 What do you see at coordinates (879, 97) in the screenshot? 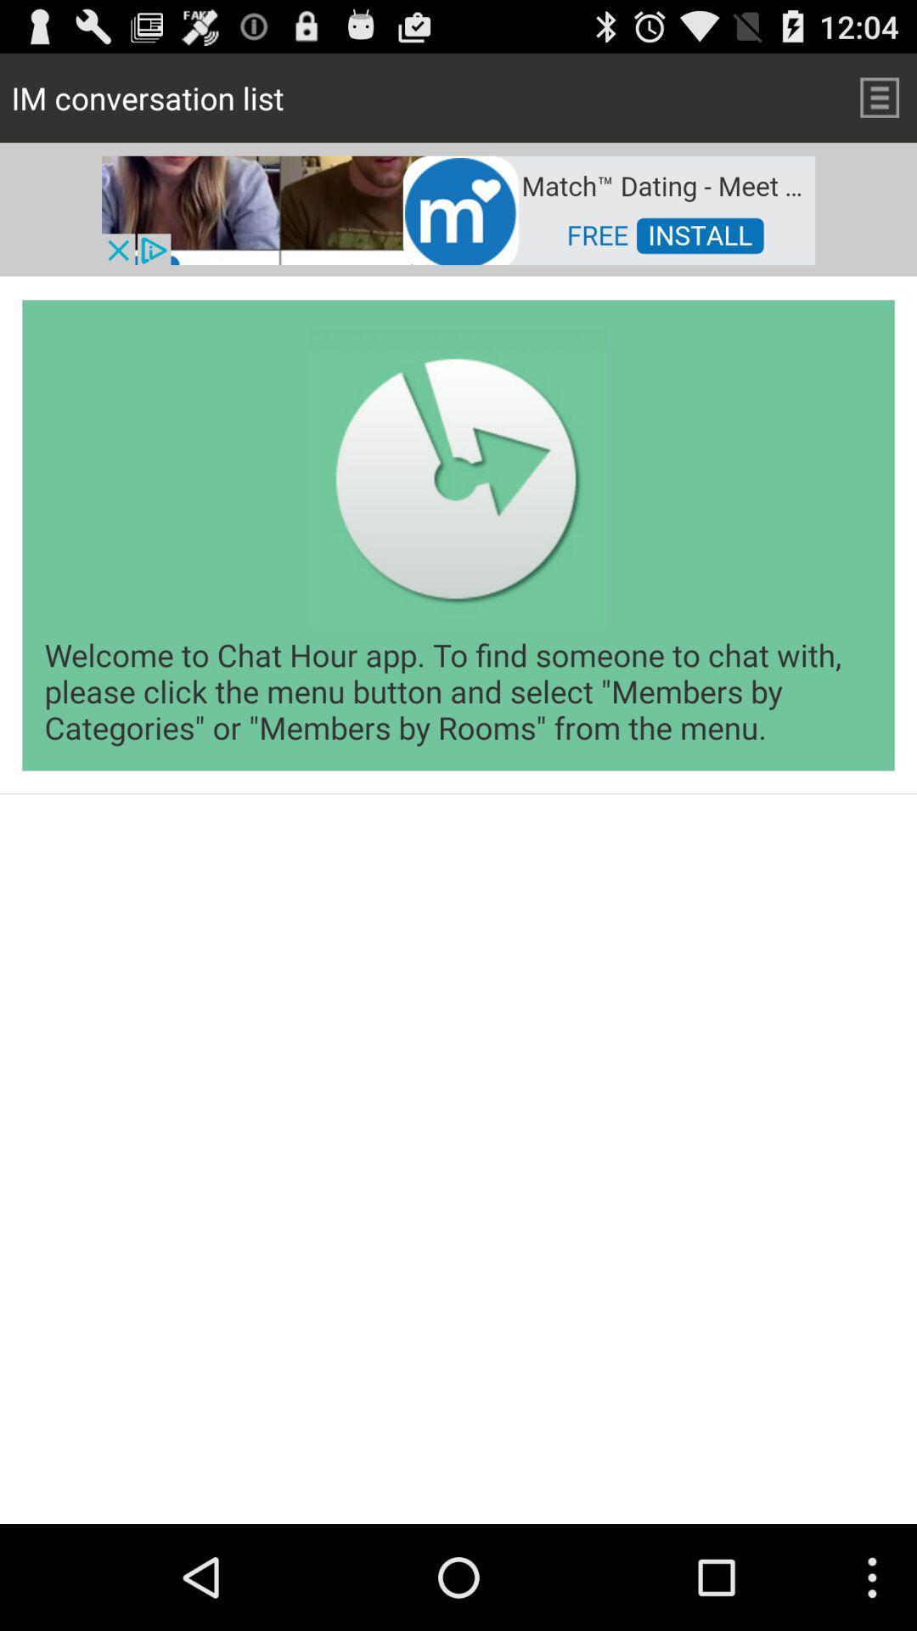
I see `more` at bounding box center [879, 97].